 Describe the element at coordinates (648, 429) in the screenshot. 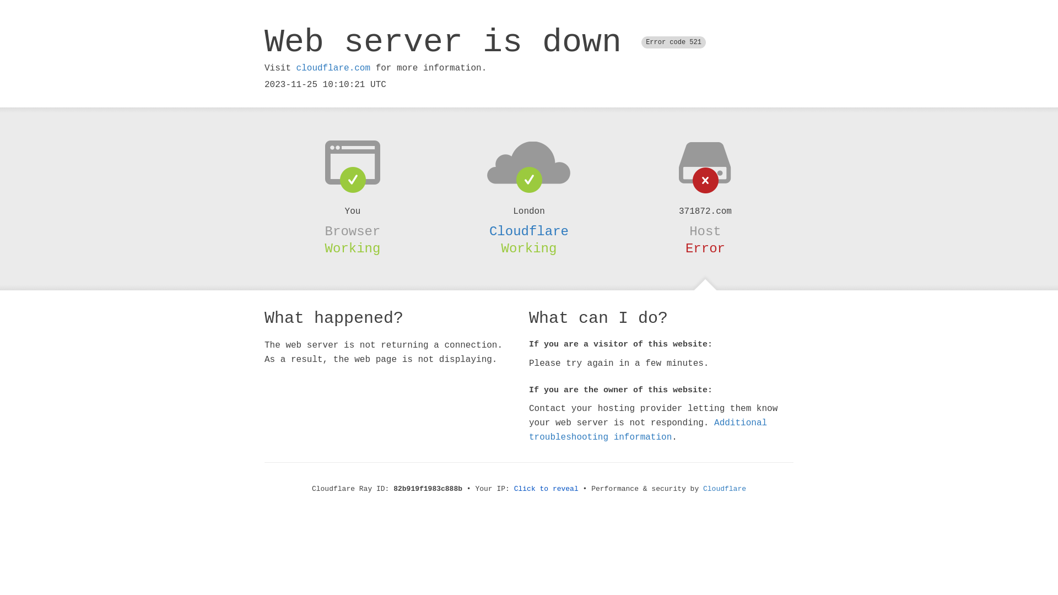

I see `'Additional troubleshooting information'` at that location.